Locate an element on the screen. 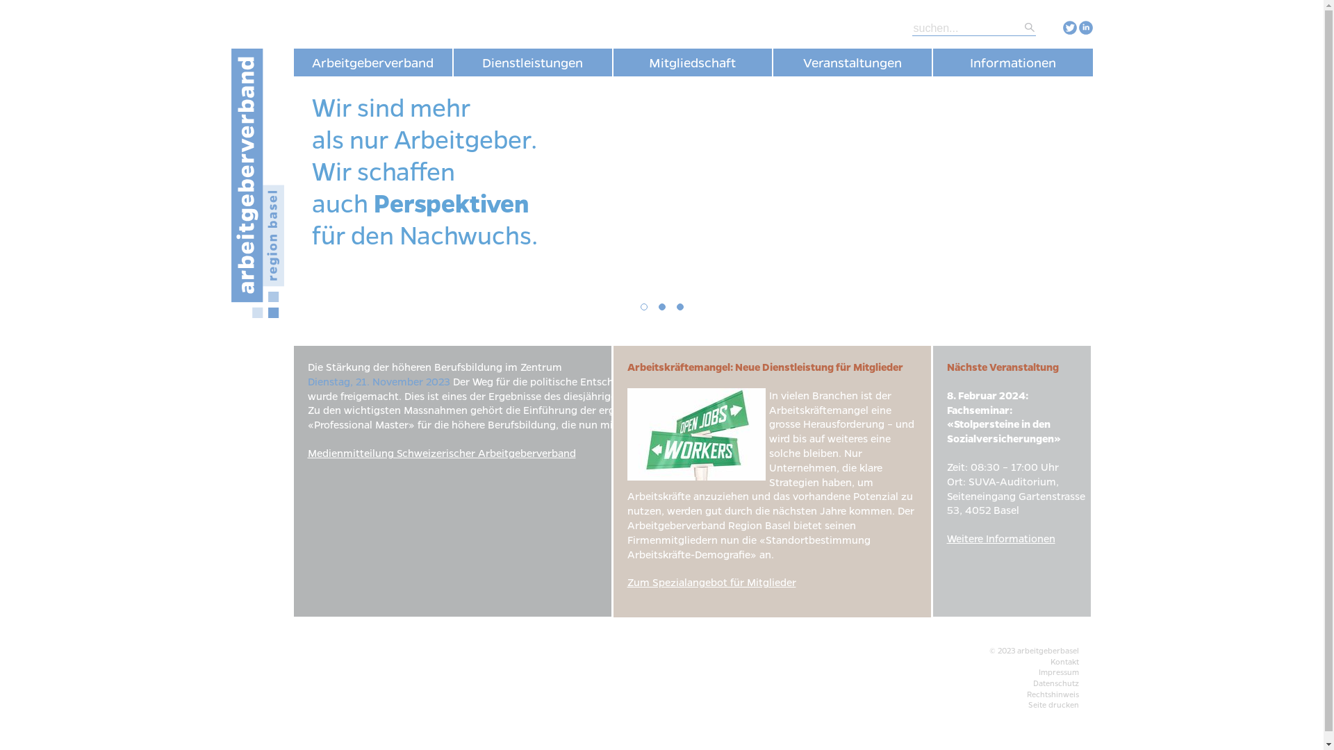 The image size is (1334, 750). 'Informationen' is located at coordinates (1012, 61).